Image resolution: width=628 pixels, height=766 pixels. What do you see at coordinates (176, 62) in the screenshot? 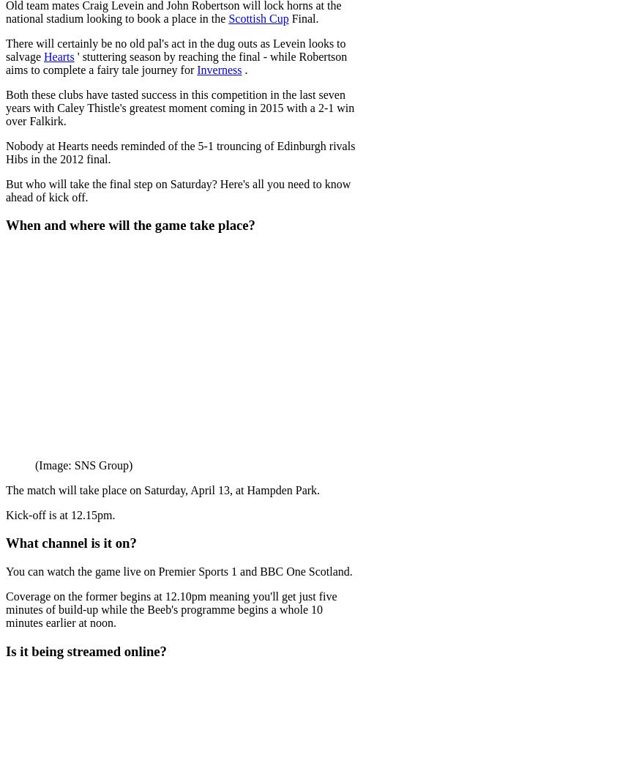
I see `'' stuttering season by reaching the final - while Robertson aims to complete a fairy tale journey for'` at bounding box center [176, 62].